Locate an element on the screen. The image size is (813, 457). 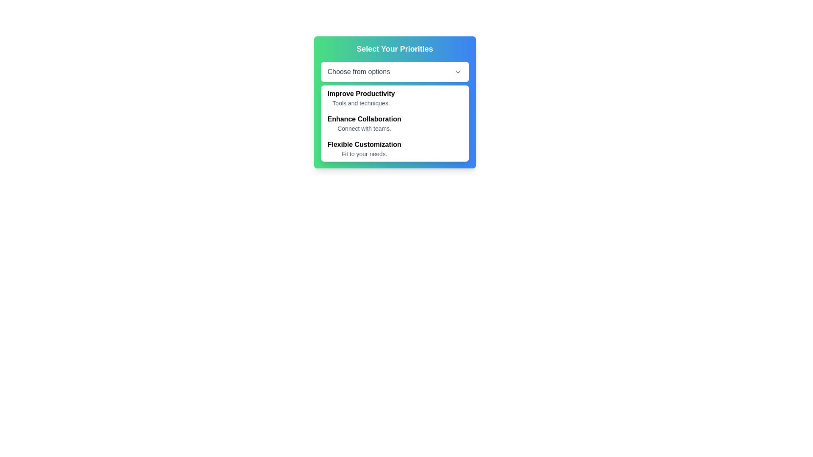
the second item in the dropdown menu, which is positioned between 'Improve Productivity' and 'Flexible Customization' is located at coordinates (364, 124).